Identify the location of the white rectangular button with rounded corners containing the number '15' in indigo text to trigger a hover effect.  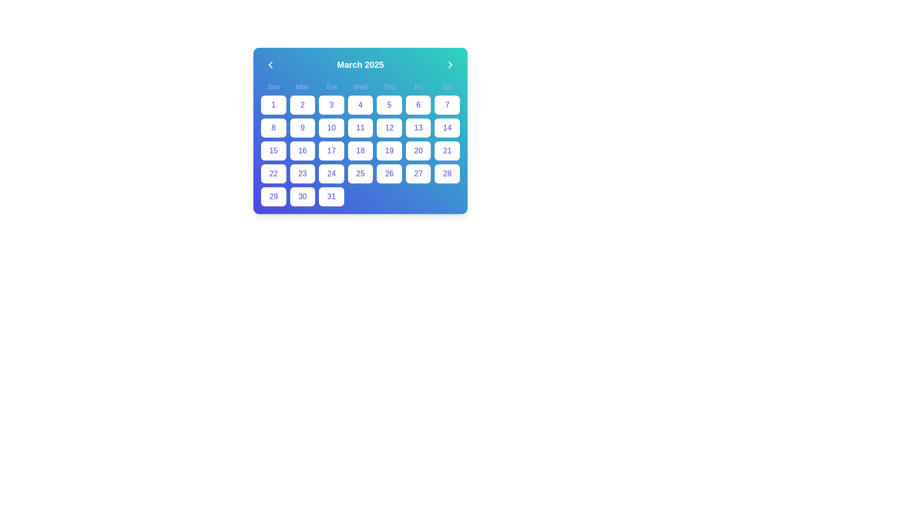
(273, 150).